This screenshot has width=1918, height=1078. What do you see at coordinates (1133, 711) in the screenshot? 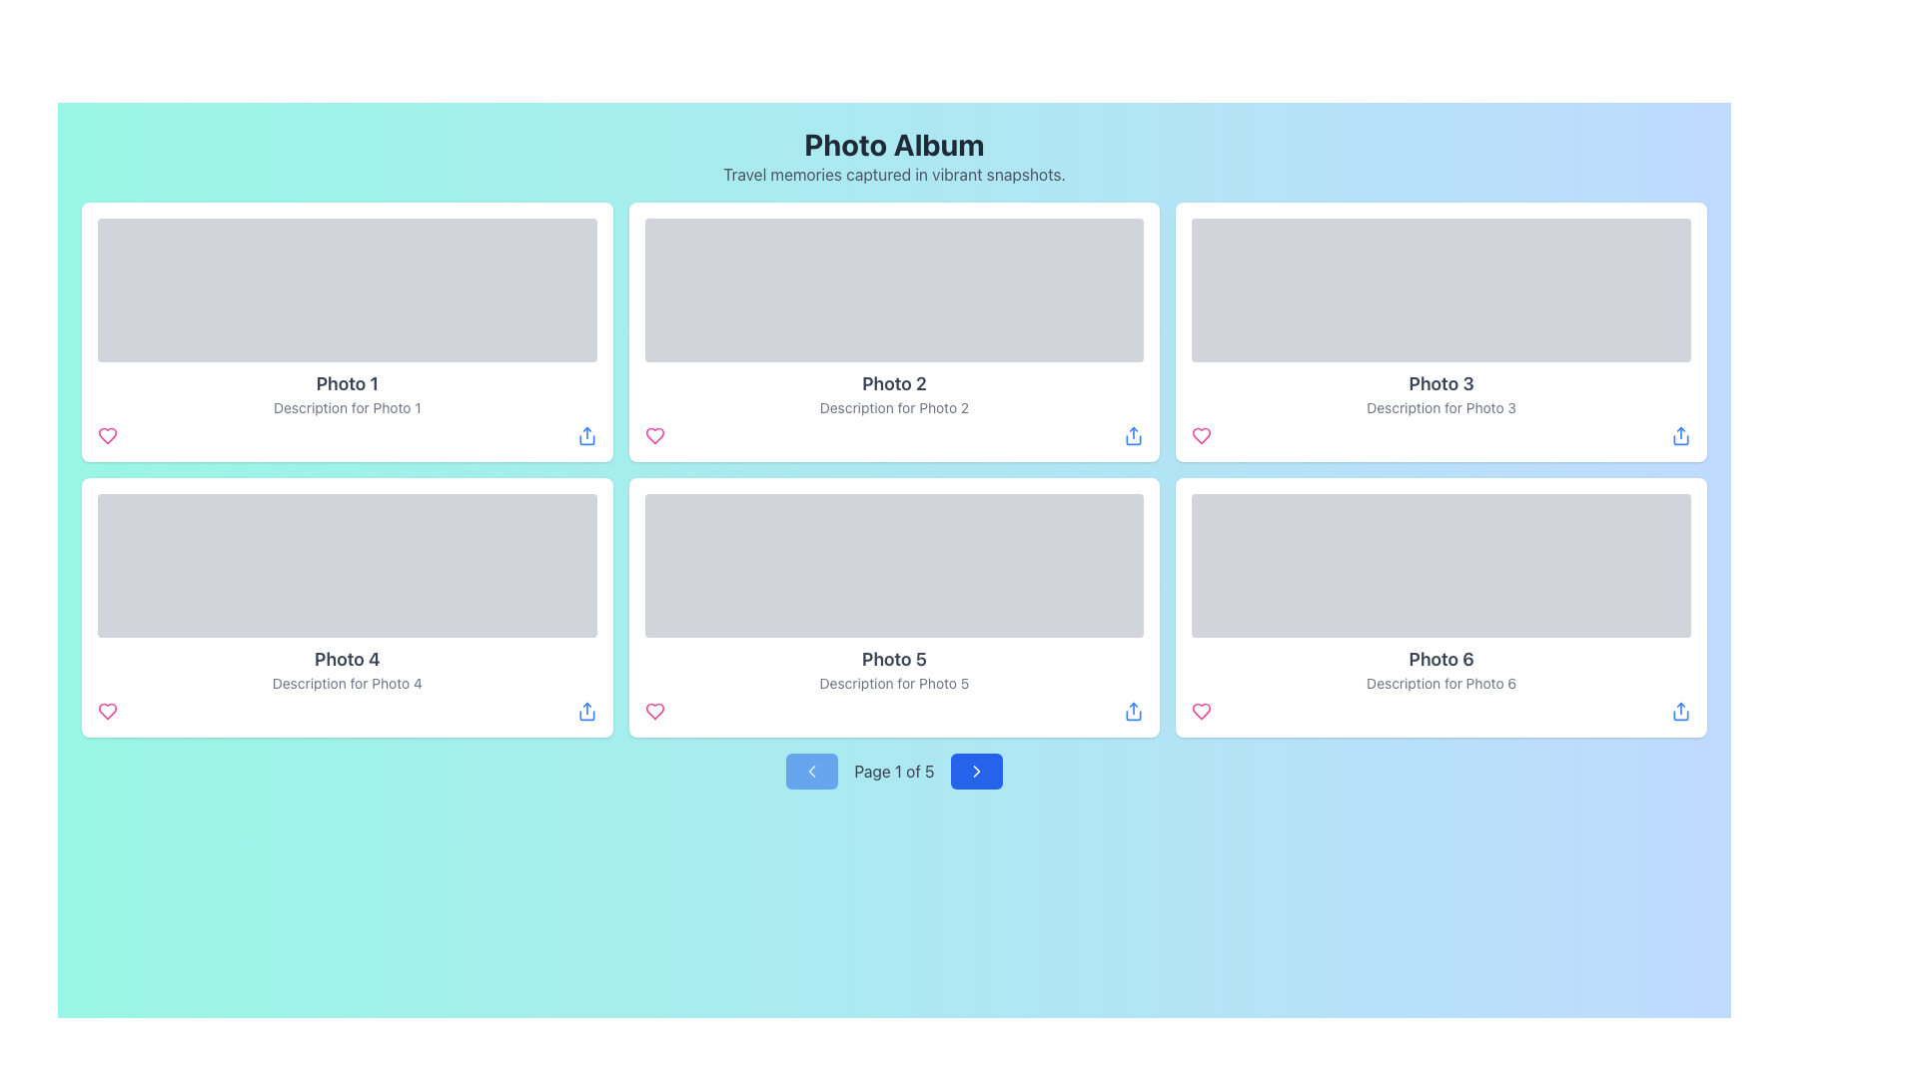
I see `the blue upward arrow icon button located` at bounding box center [1133, 711].